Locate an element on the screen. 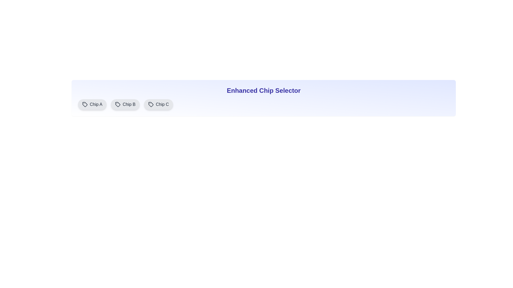 This screenshot has width=513, height=288. the chip labeled Chip B to observe the hover effect is located at coordinates (125, 105).